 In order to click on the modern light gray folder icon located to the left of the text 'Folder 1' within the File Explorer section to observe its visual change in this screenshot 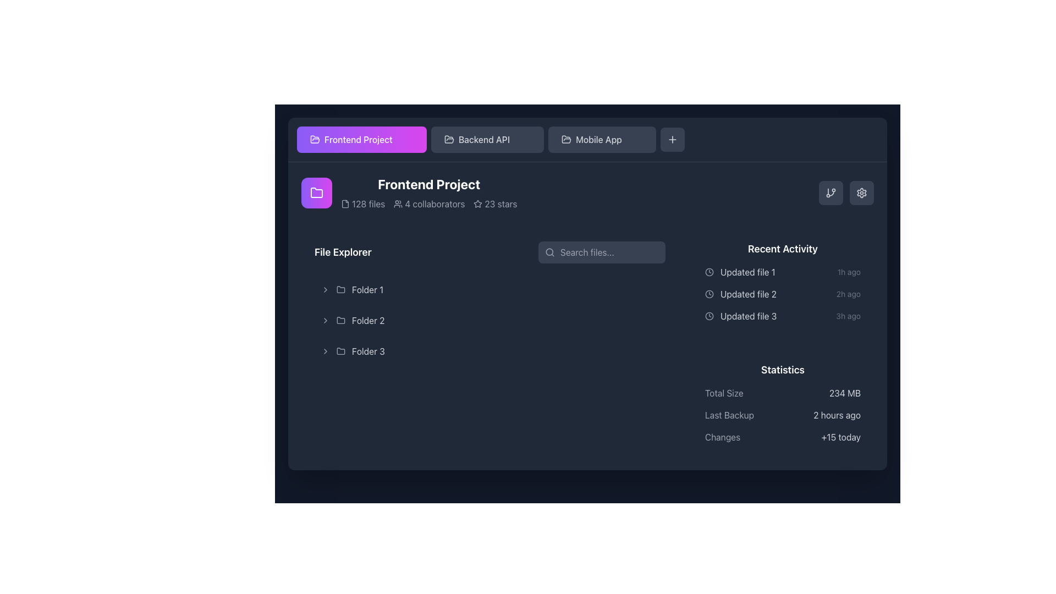, I will do `click(340, 289)`.